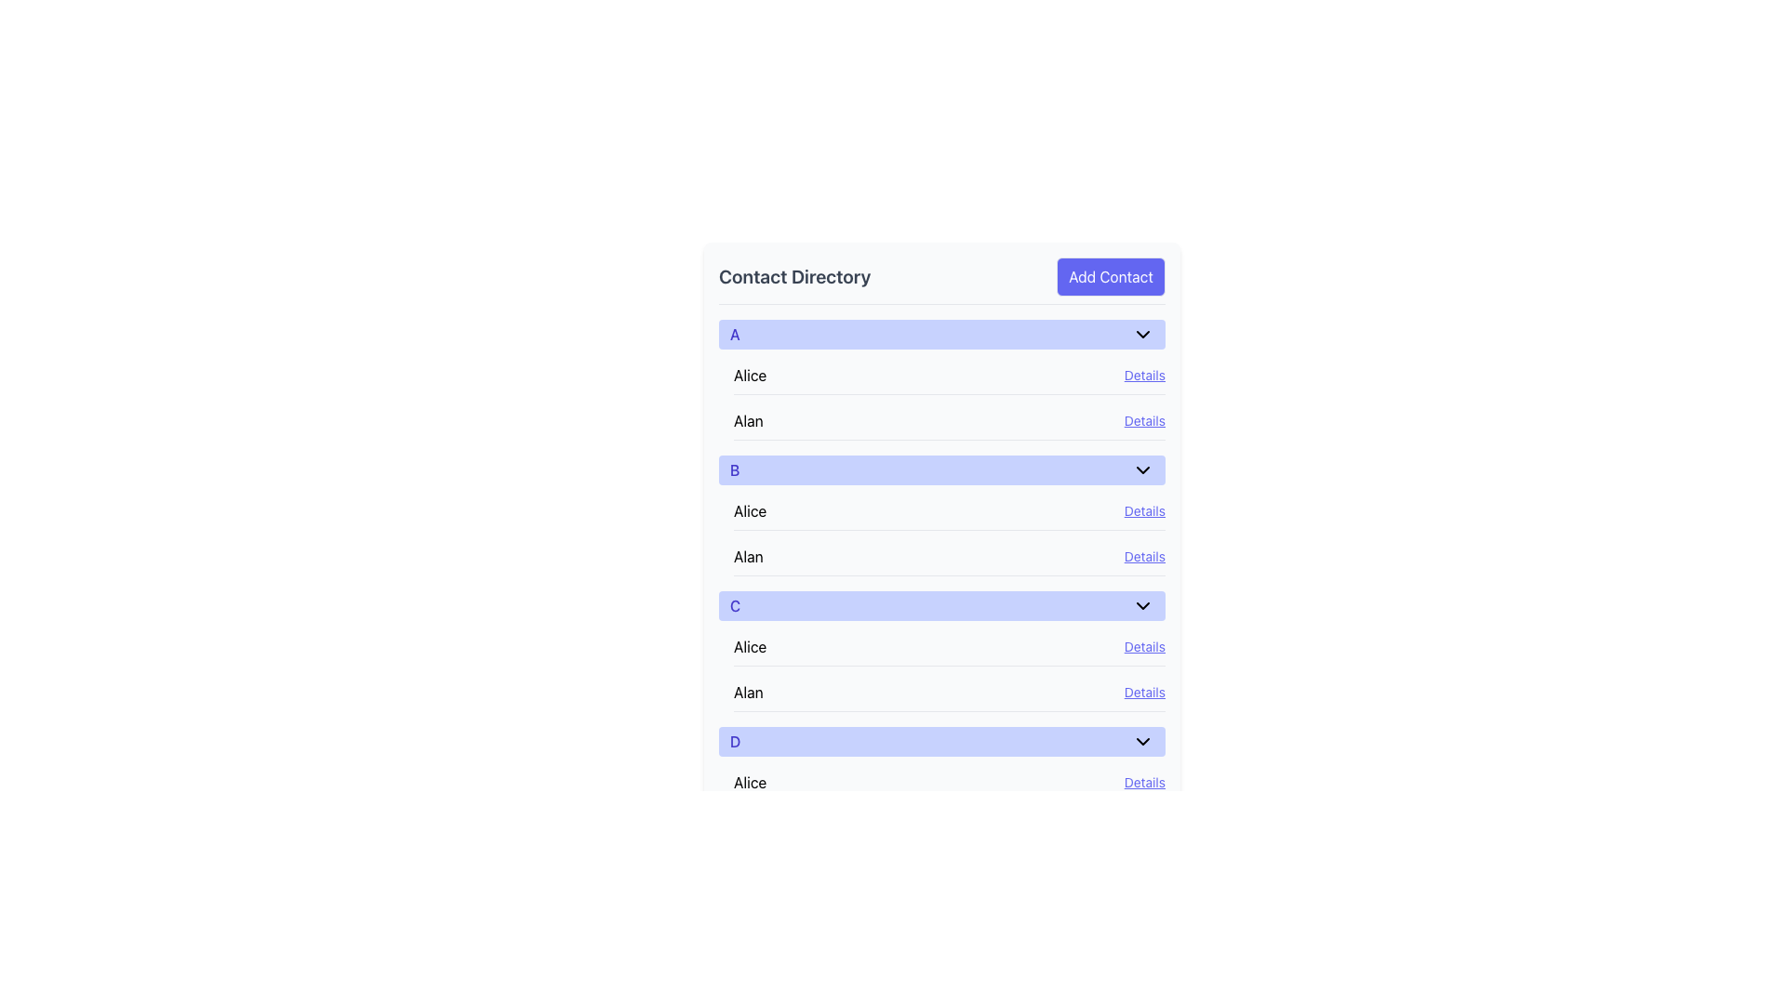 This screenshot has height=1004, width=1786. Describe the element at coordinates (750, 782) in the screenshot. I see `the bold text label reading 'Alice'` at that location.